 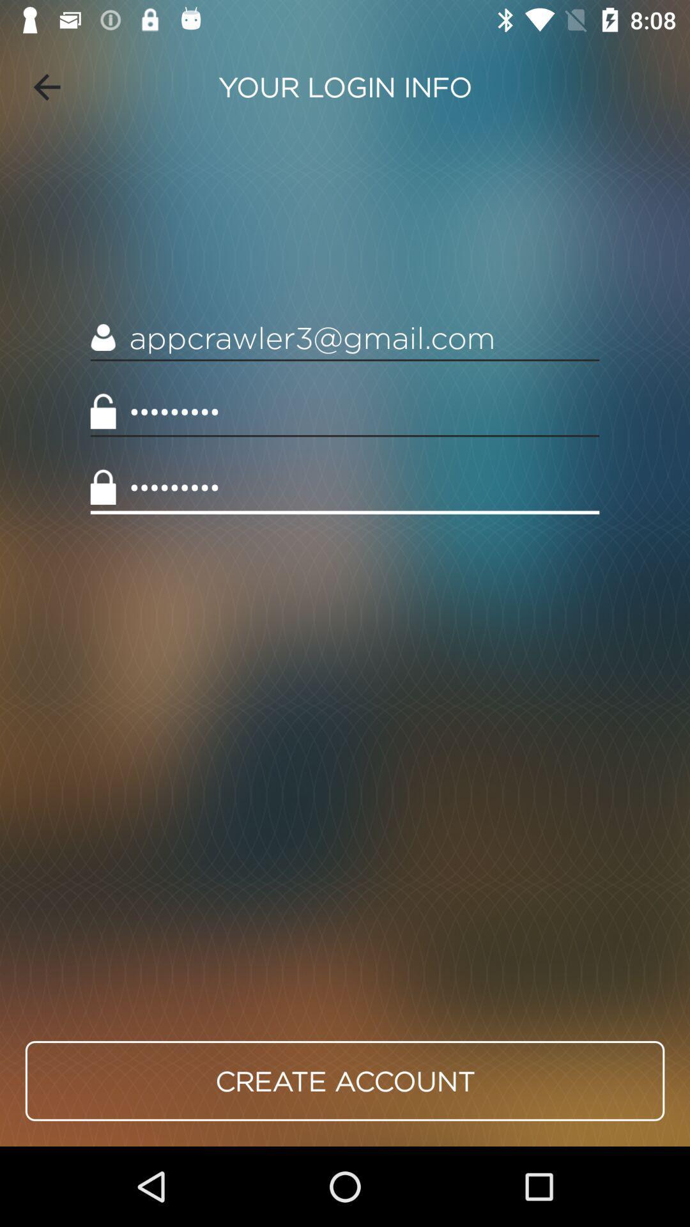 What do you see at coordinates (46, 86) in the screenshot?
I see `the item at the top left corner` at bounding box center [46, 86].